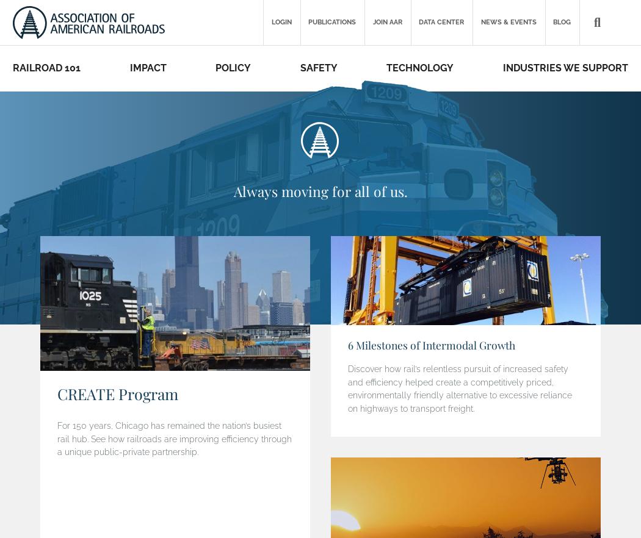 The height and width of the screenshot is (538, 641). What do you see at coordinates (173, 439) in the screenshot?
I see `'For 150 years, Chicago has remained the nation’s busiest rail hub. See how railroads are improving efficiency through a unique public-private partnership.'` at bounding box center [173, 439].